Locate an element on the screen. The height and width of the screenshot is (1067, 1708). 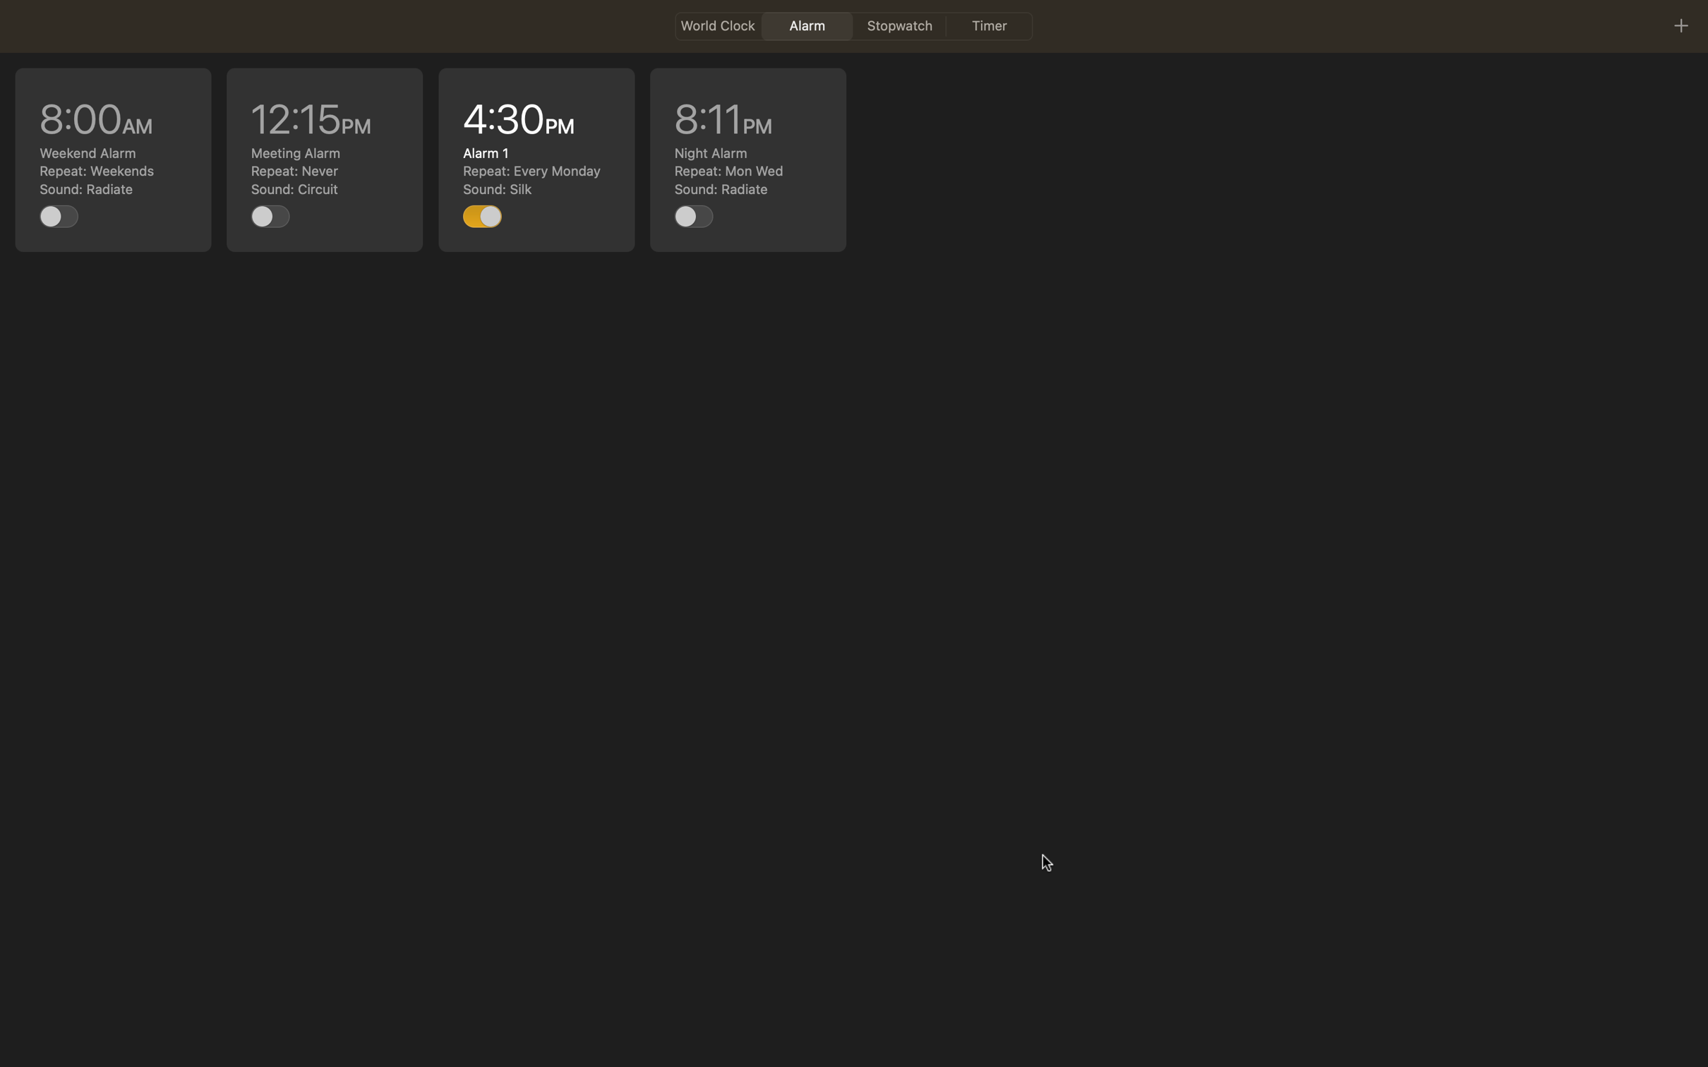
Use the plus symbol to create a fresh reminder is located at coordinates (1680, 25).